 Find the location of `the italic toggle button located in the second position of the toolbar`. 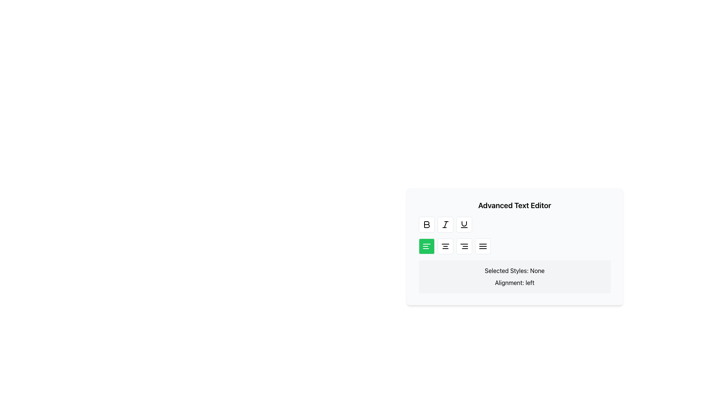

the italic toggle button located in the second position of the toolbar is located at coordinates (445, 224).